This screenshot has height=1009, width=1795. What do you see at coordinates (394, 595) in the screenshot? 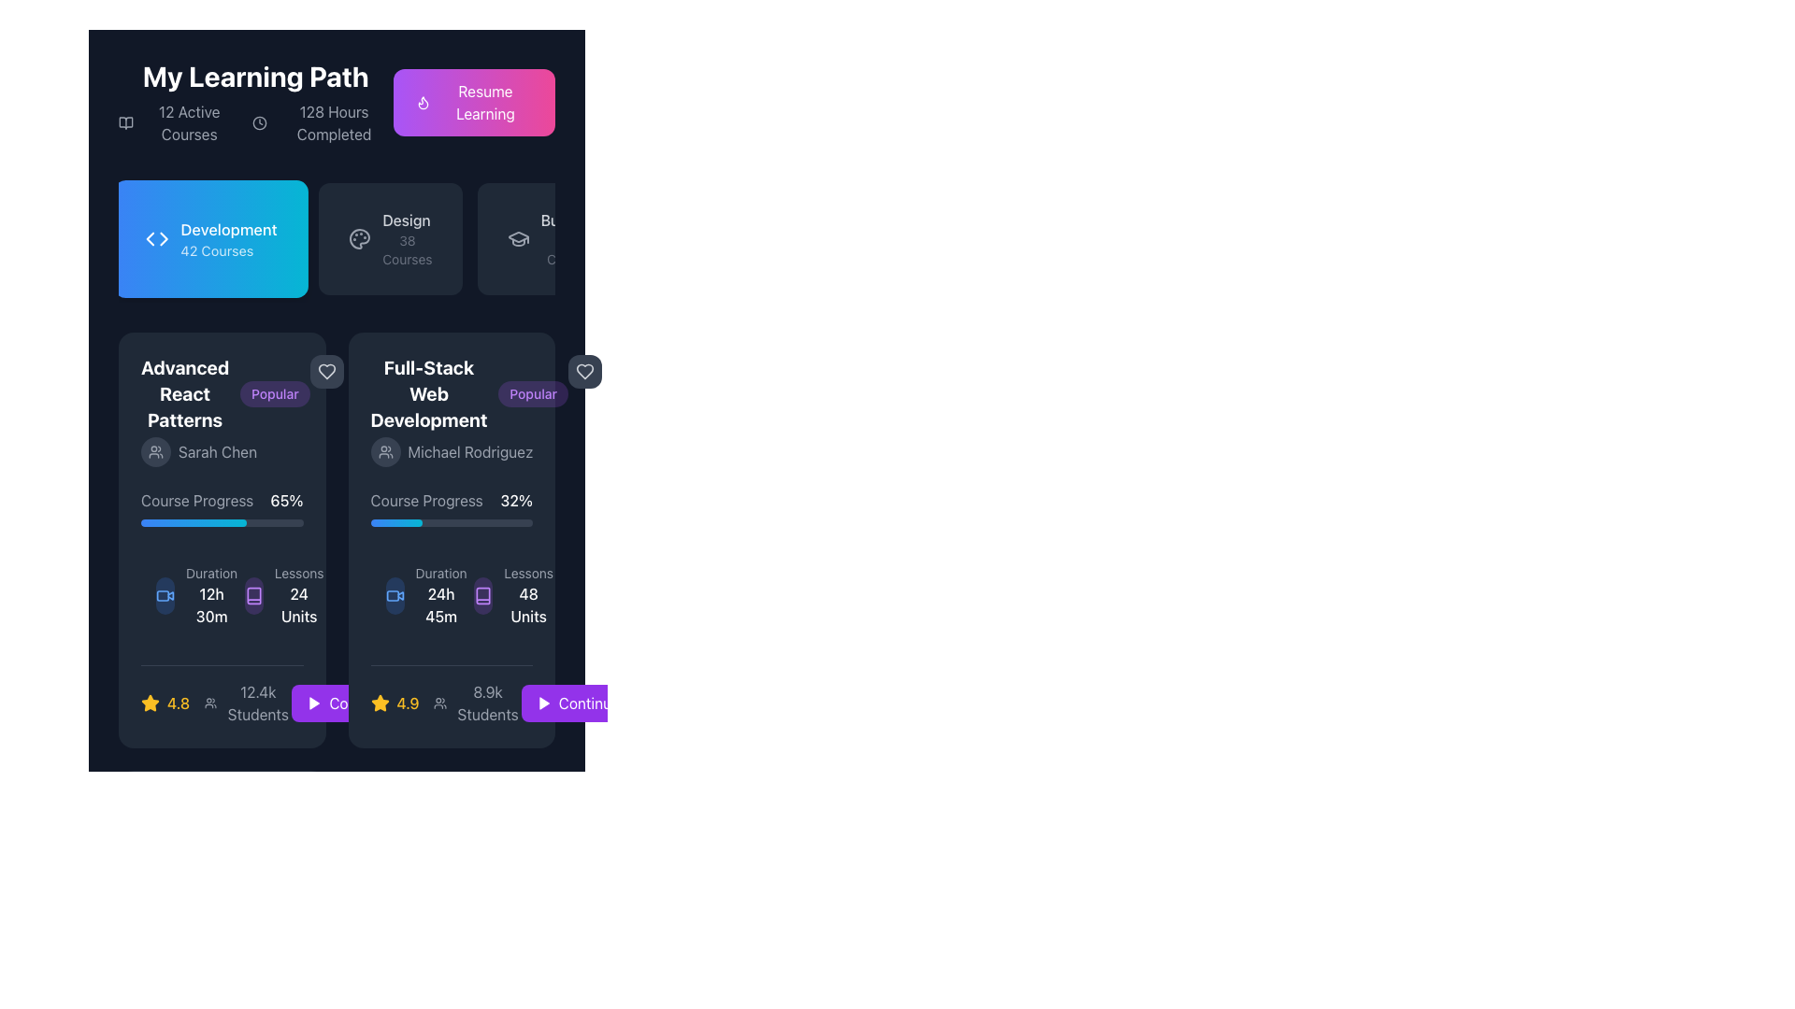
I see `the rounded square icon with a semi-transparent blue background, which contains a video camera icon, located in the top-left area of the 'Full-Stack Web Development' card, above the 'Duration' text` at bounding box center [394, 595].